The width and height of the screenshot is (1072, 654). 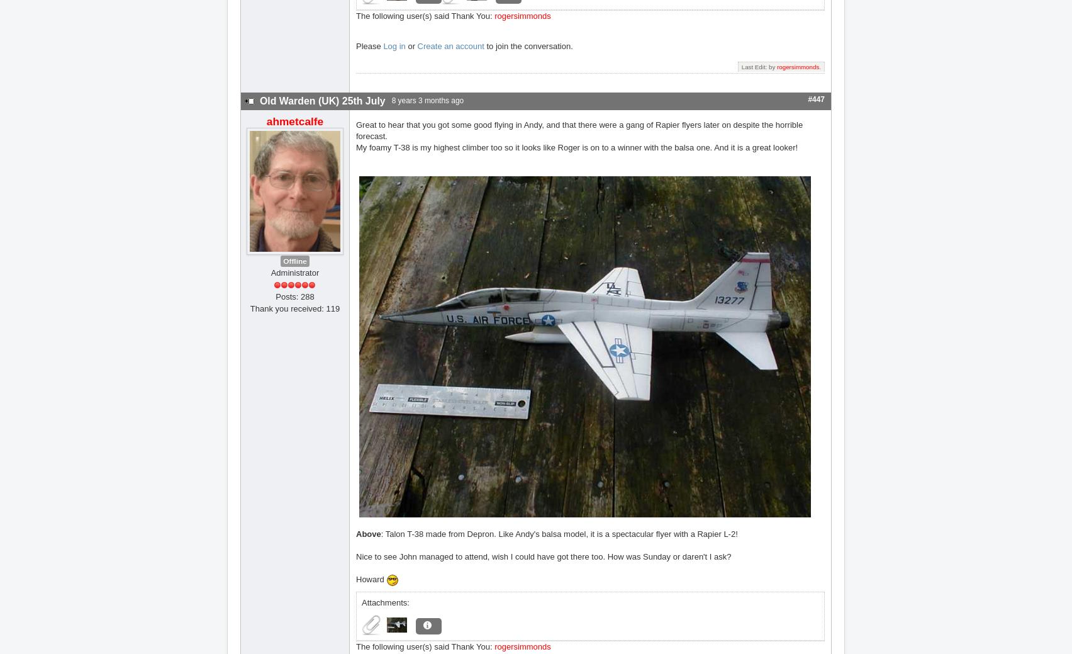 What do you see at coordinates (579, 130) in the screenshot?
I see `'Great to hear that you got some good flying in Andy, and that there were a gang of Rapier flyers later on despite the horrible forecast.'` at bounding box center [579, 130].